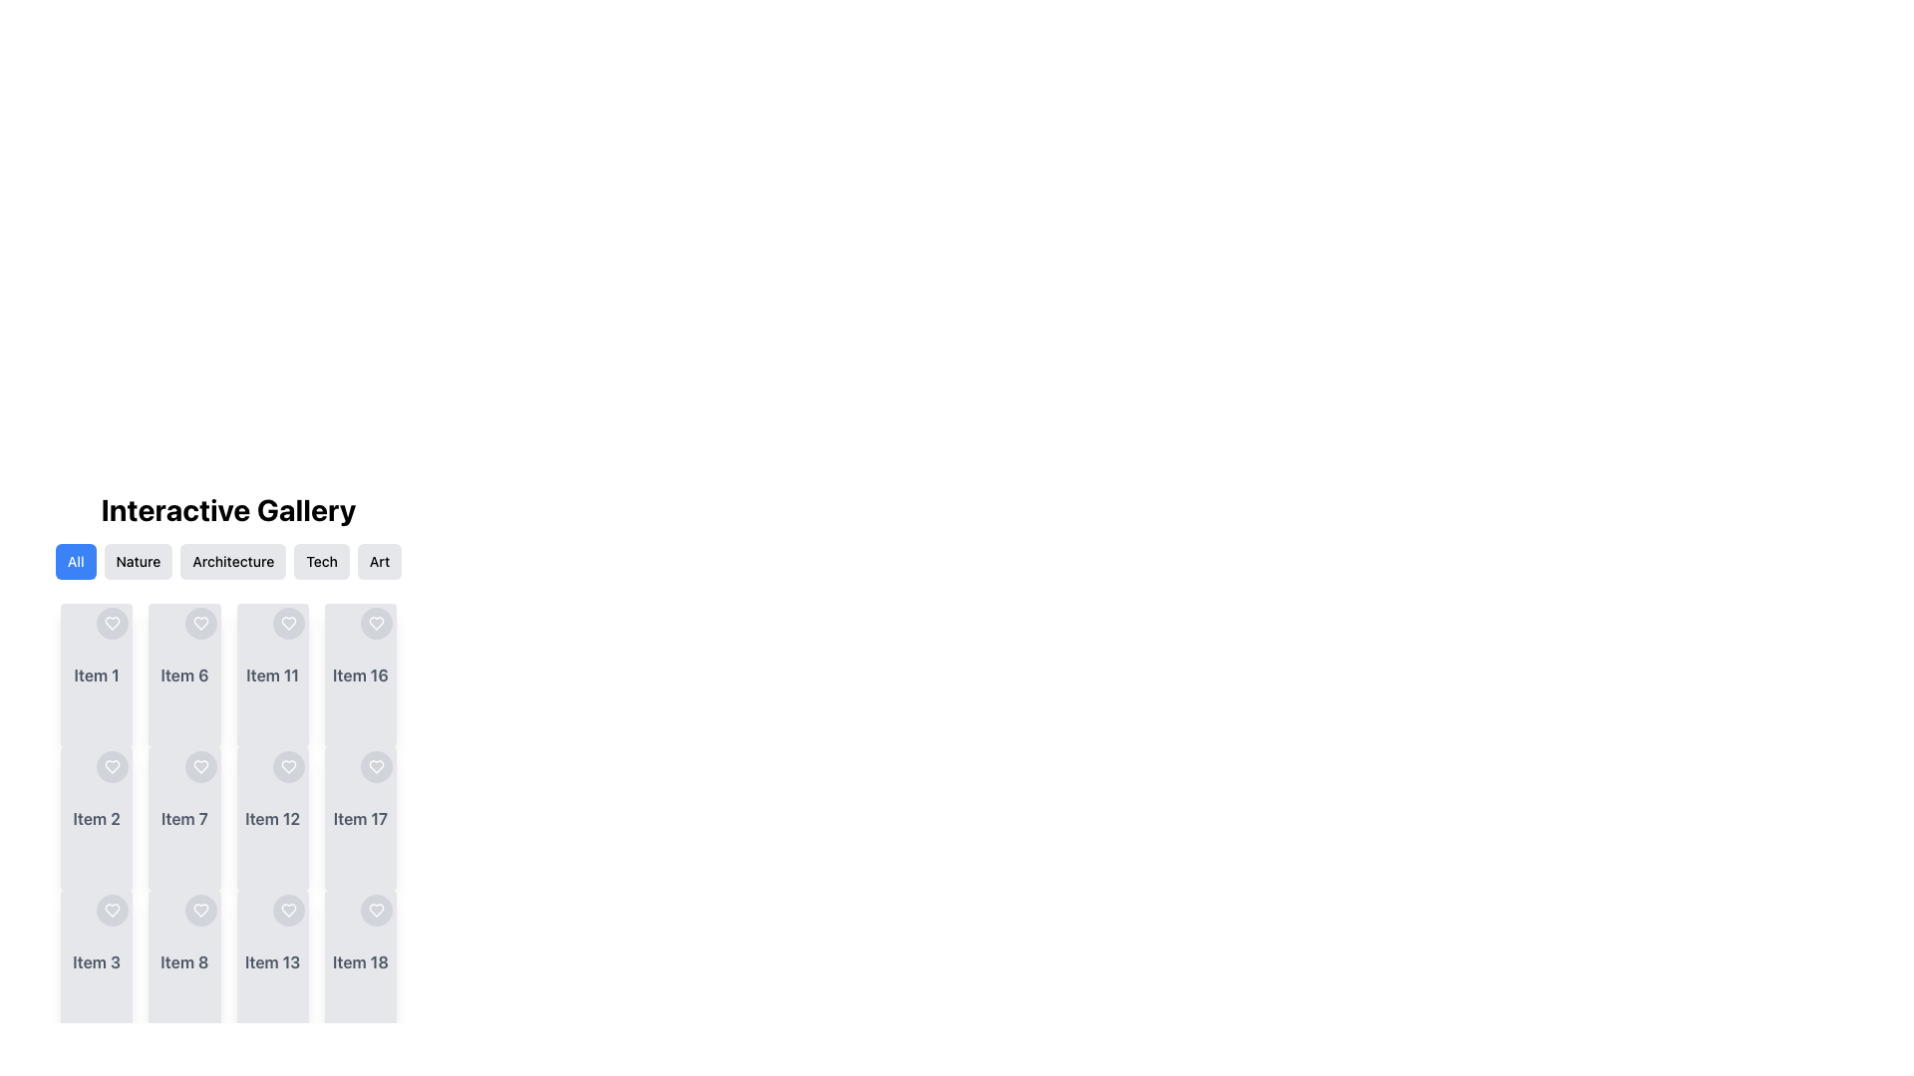  Describe the element at coordinates (287, 622) in the screenshot. I see `the circular Icon Button with a light gray background and a white heart icon located at the top-right corner of the card labeled 'Item 11' in the interactive gallery` at that location.